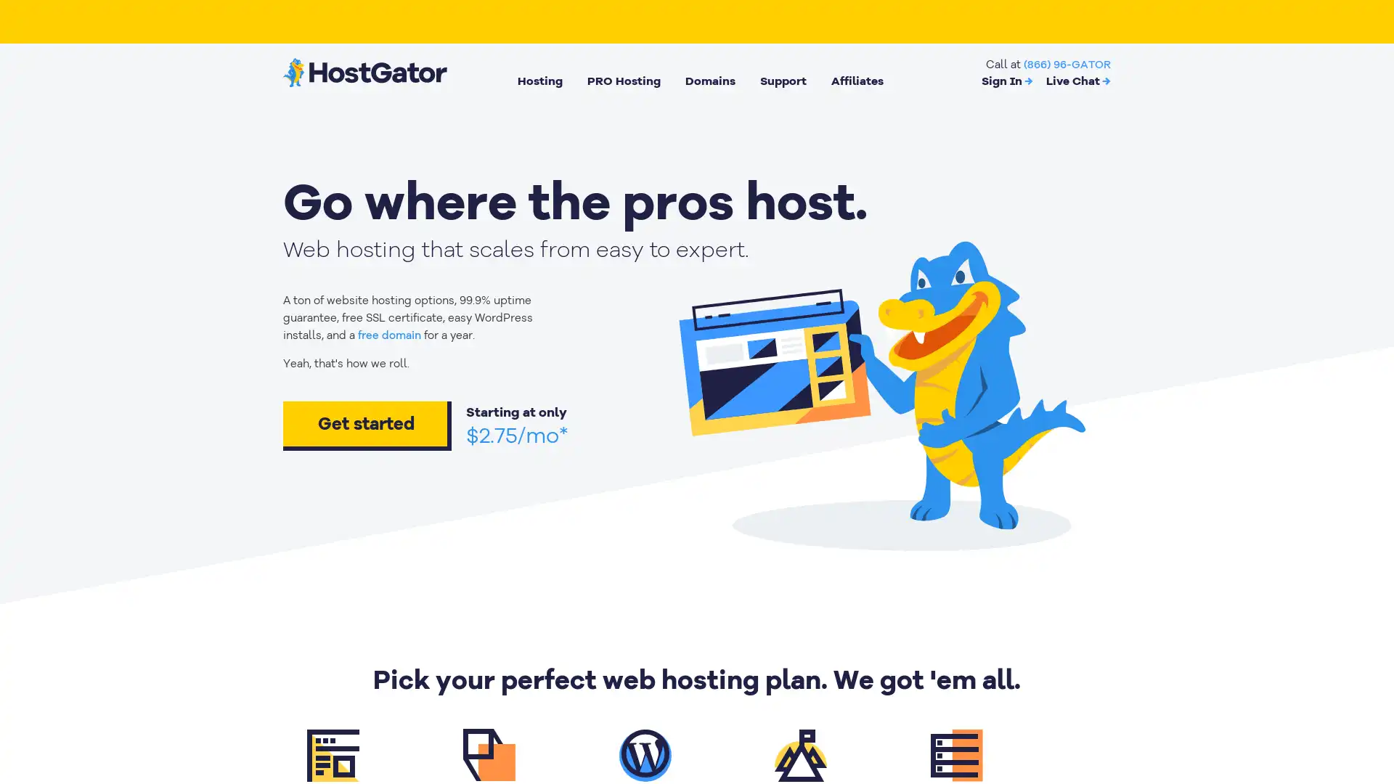 The height and width of the screenshot is (784, 1394). I want to click on Cookies Settings, so click(147, 727).